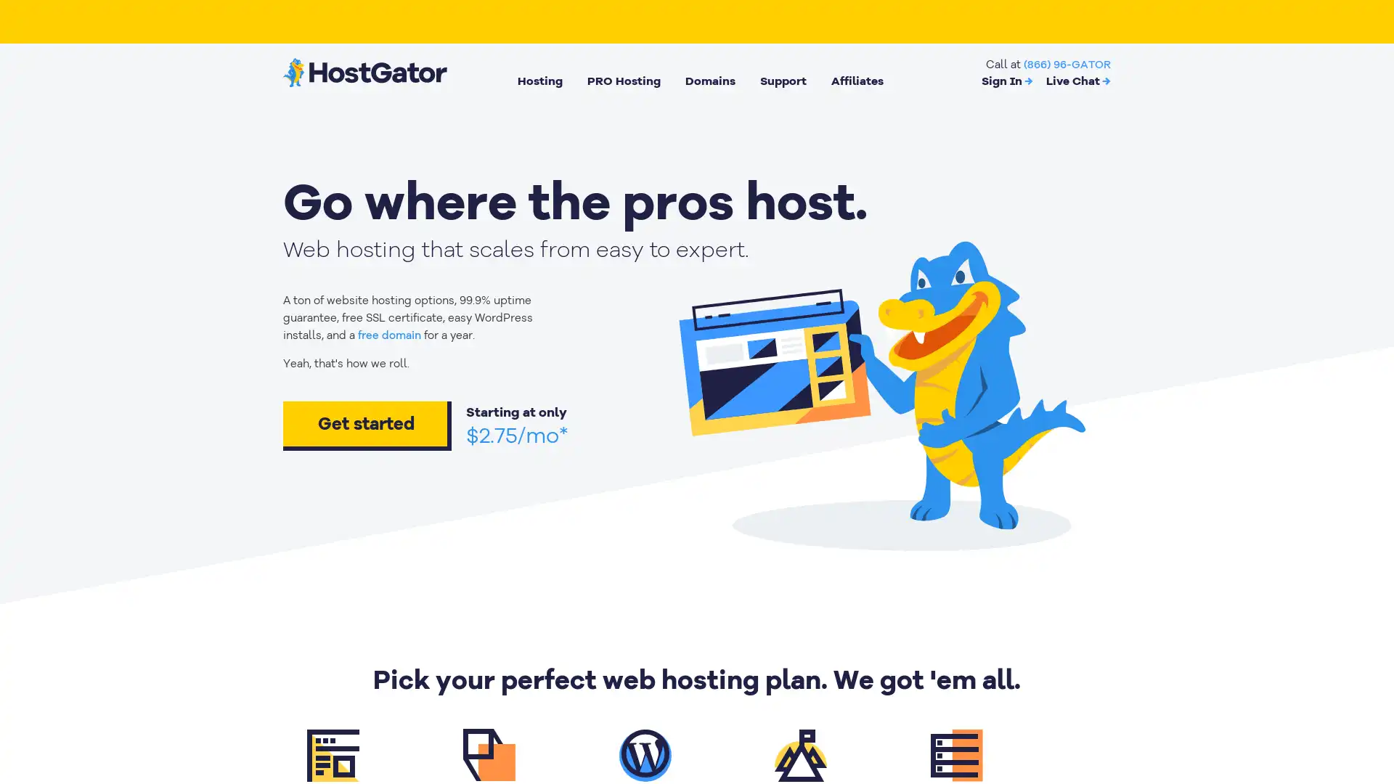 The height and width of the screenshot is (784, 1394). I want to click on Cookies Settings, so click(147, 727).